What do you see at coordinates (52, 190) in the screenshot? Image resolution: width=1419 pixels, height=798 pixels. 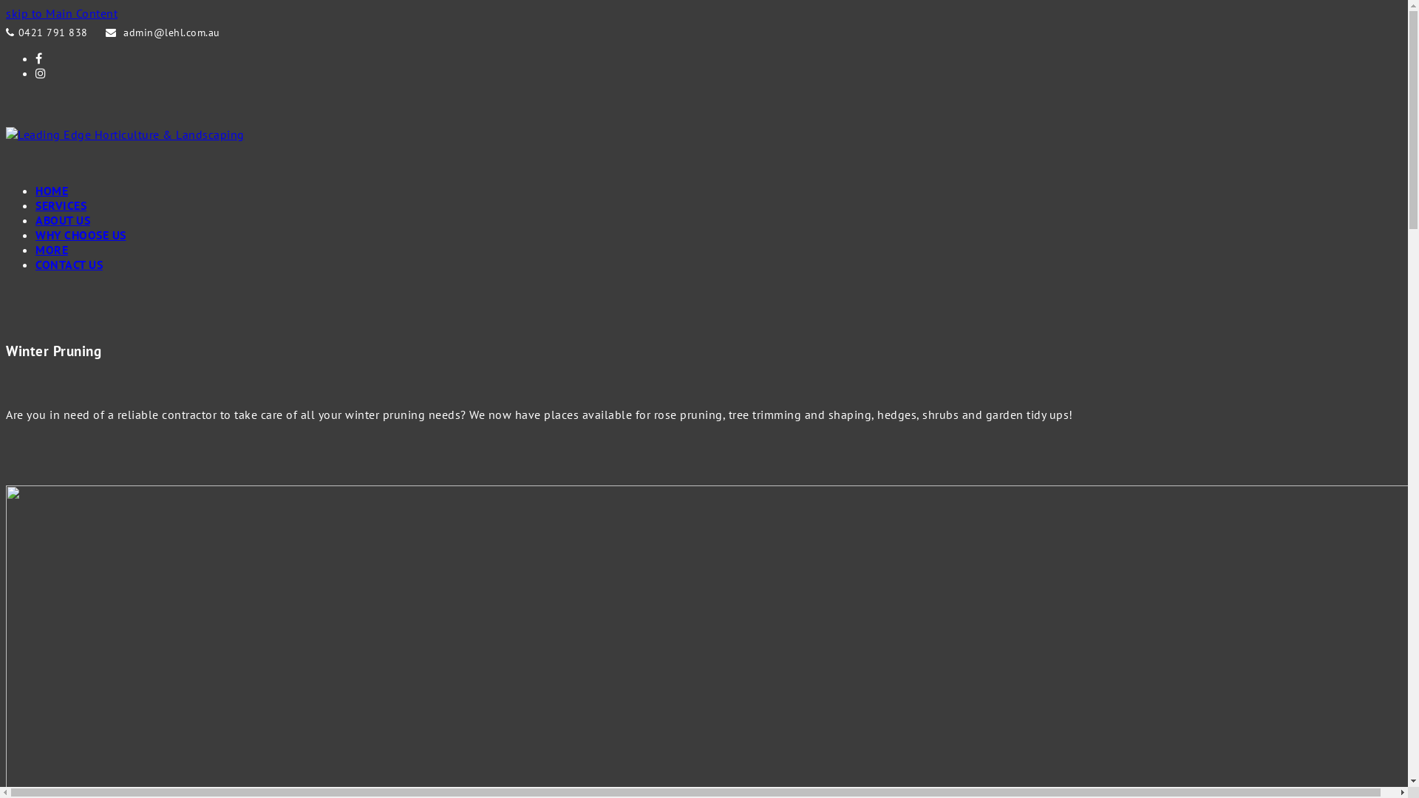 I see `'HOME'` at bounding box center [52, 190].